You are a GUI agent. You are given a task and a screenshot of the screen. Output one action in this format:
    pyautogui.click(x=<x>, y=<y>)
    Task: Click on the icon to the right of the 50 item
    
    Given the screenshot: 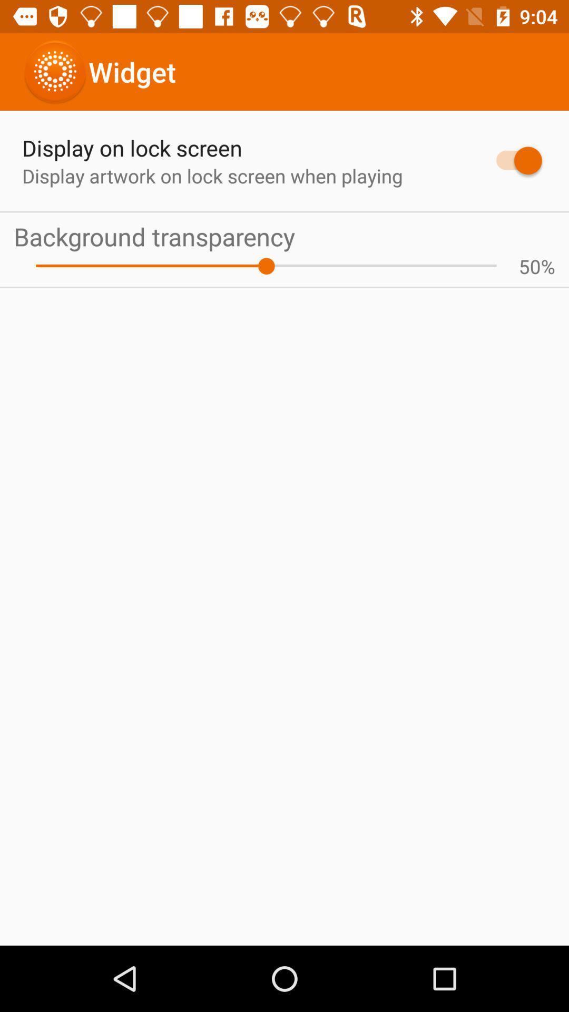 What is the action you would take?
    pyautogui.click(x=547, y=266)
    